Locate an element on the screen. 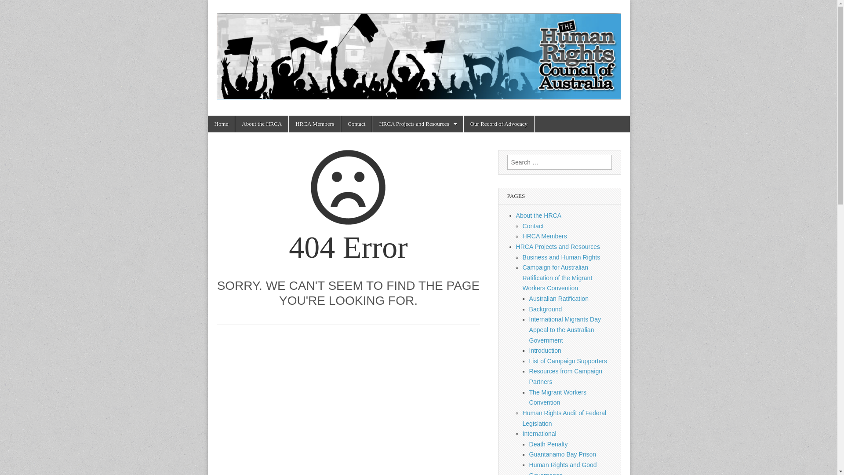 The height and width of the screenshot is (475, 844). 'Death Penalty' is located at coordinates (548, 444).